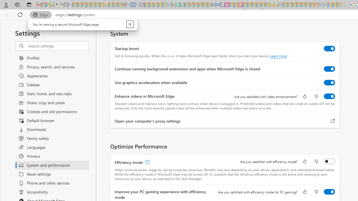 This screenshot has width=358, height=201. What do you see at coordinates (227, 5) in the screenshot?
I see `'Jobs - lastminute.com Investor Portal - Sleeping'` at bounding box center [227, 5].